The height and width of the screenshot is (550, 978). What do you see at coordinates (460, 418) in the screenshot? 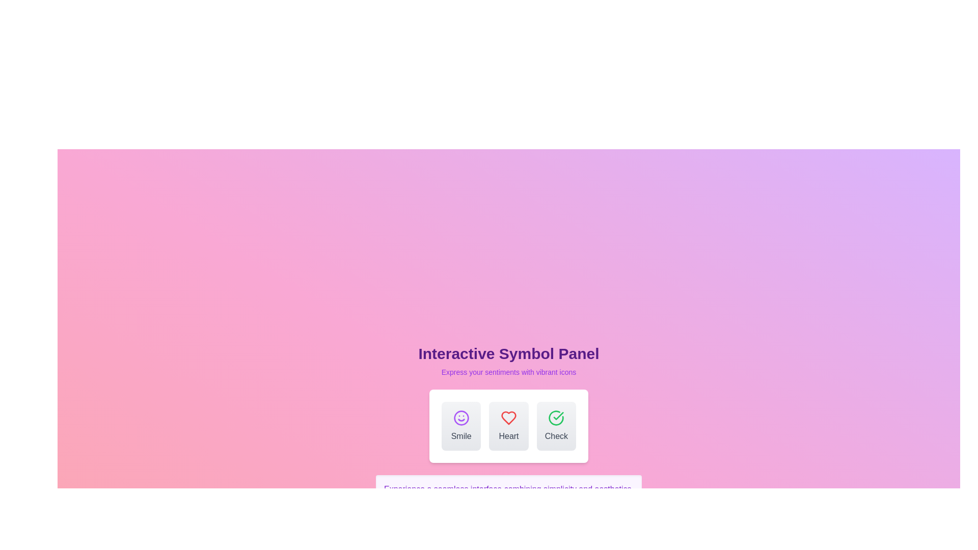
I see `the smiley face icon within the 'Interactive Symbol Panel' which is represented by the SVG graphical element` at bounding box center [460, 418].